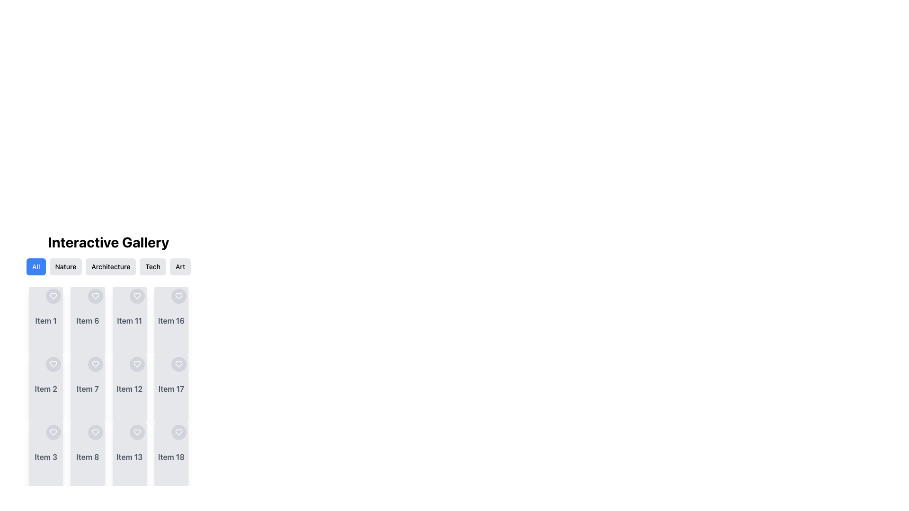  I want to click on text of the heading labeled 'Interactive Gallery' which is a large, bold heading positioned at the top center of the content area, so click(108, 242).